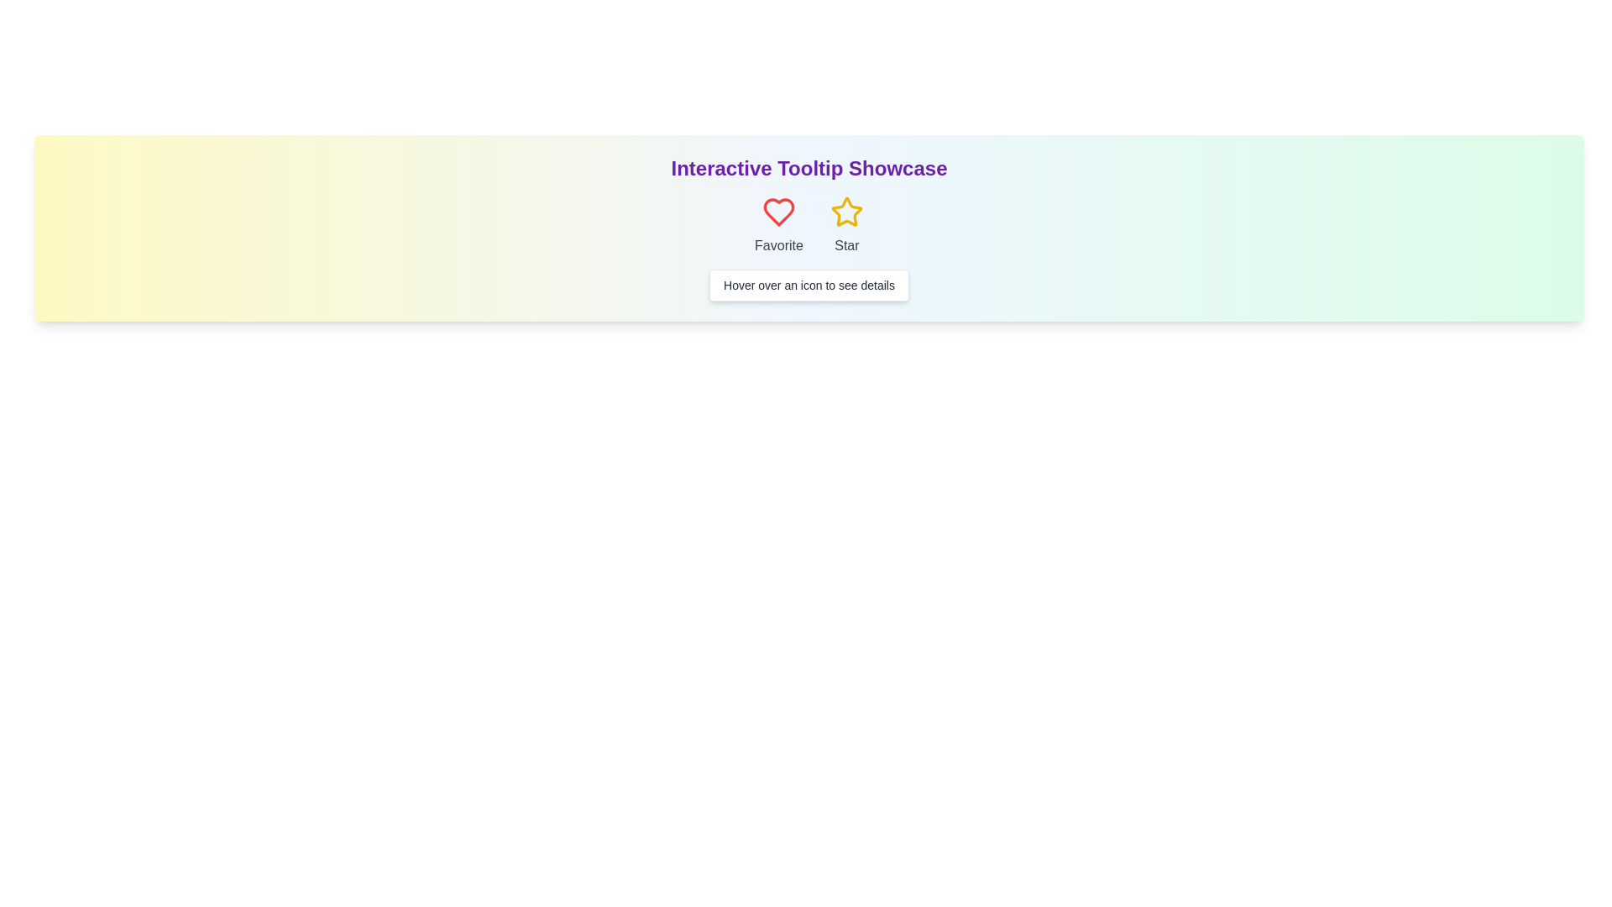  I want to click on the text element that reads 'Interactive Tooltip Showcase', which is centrally positioned at the top of its section with a gradient background, so click(809, 168).